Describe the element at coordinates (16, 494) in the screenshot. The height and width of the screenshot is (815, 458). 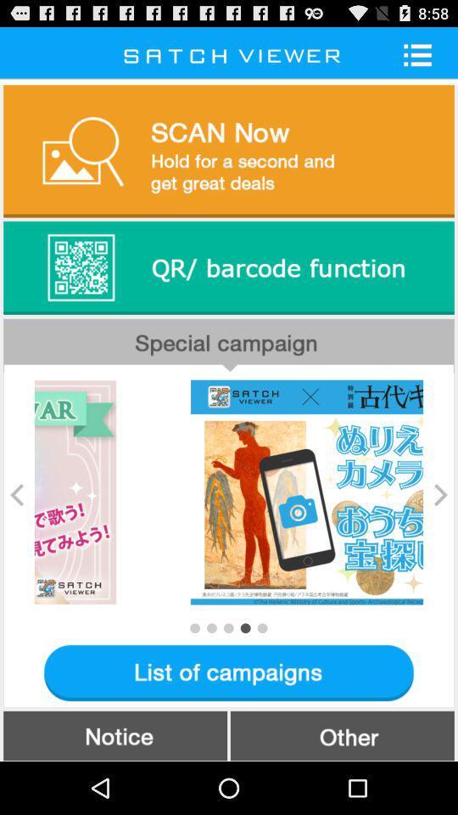
I see `icon on the left` at that location.